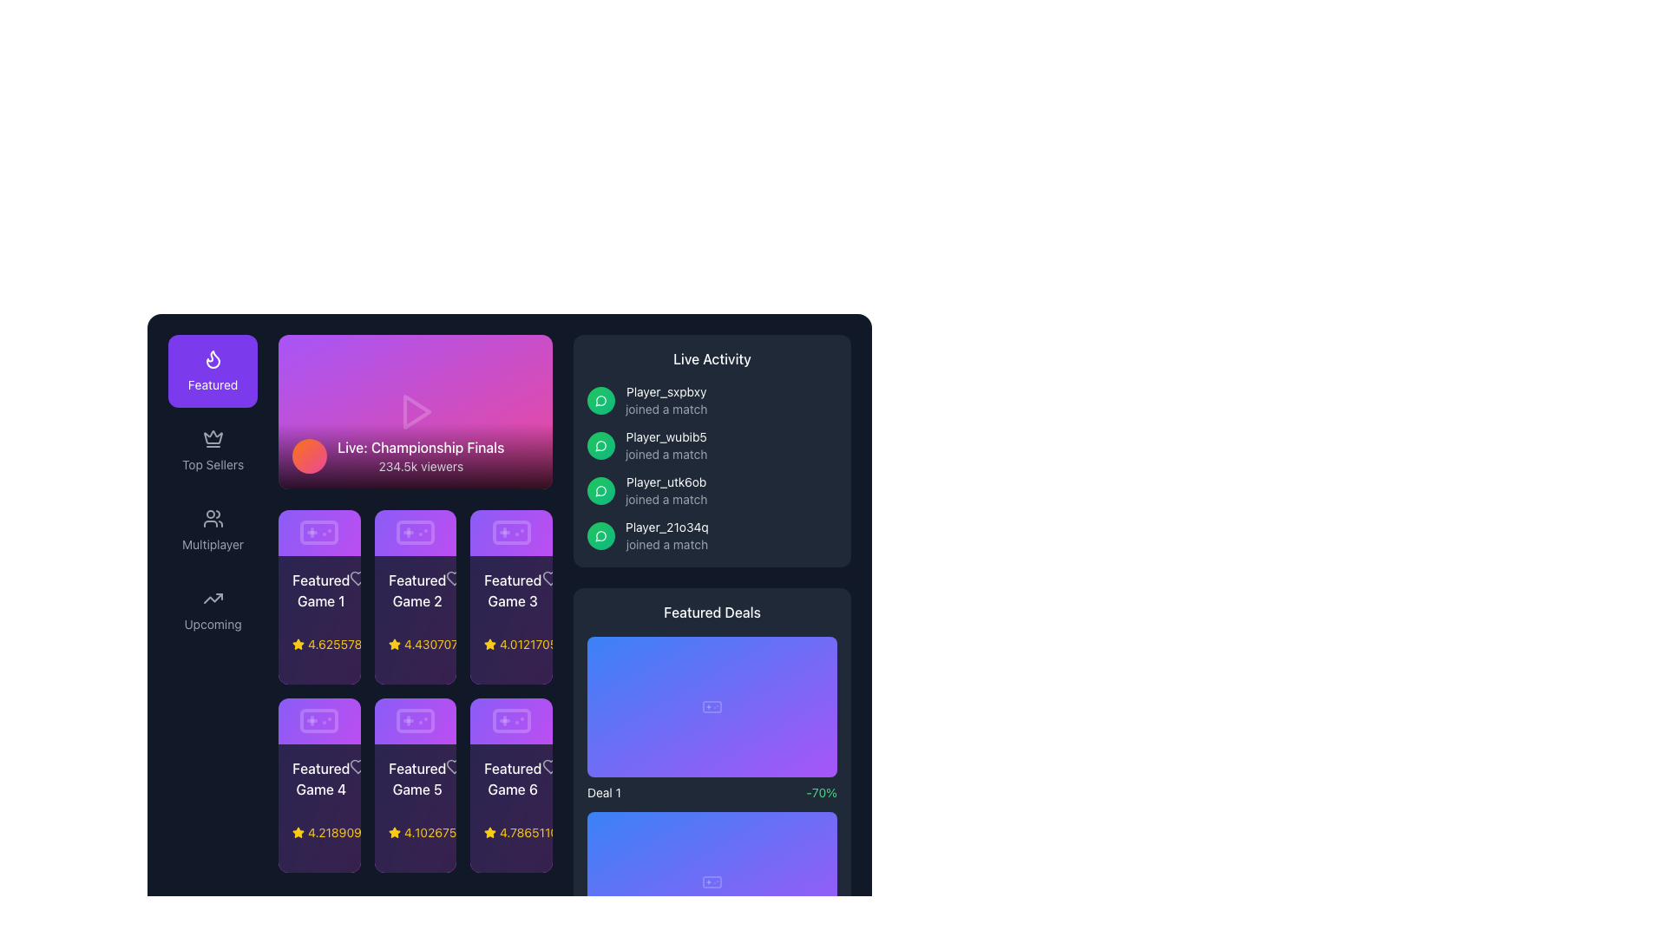  I want to click on the thumbnail representing 'Featured Game 5', which is located in the bottom row, second column of the grid of featured games, so click(415, 721).